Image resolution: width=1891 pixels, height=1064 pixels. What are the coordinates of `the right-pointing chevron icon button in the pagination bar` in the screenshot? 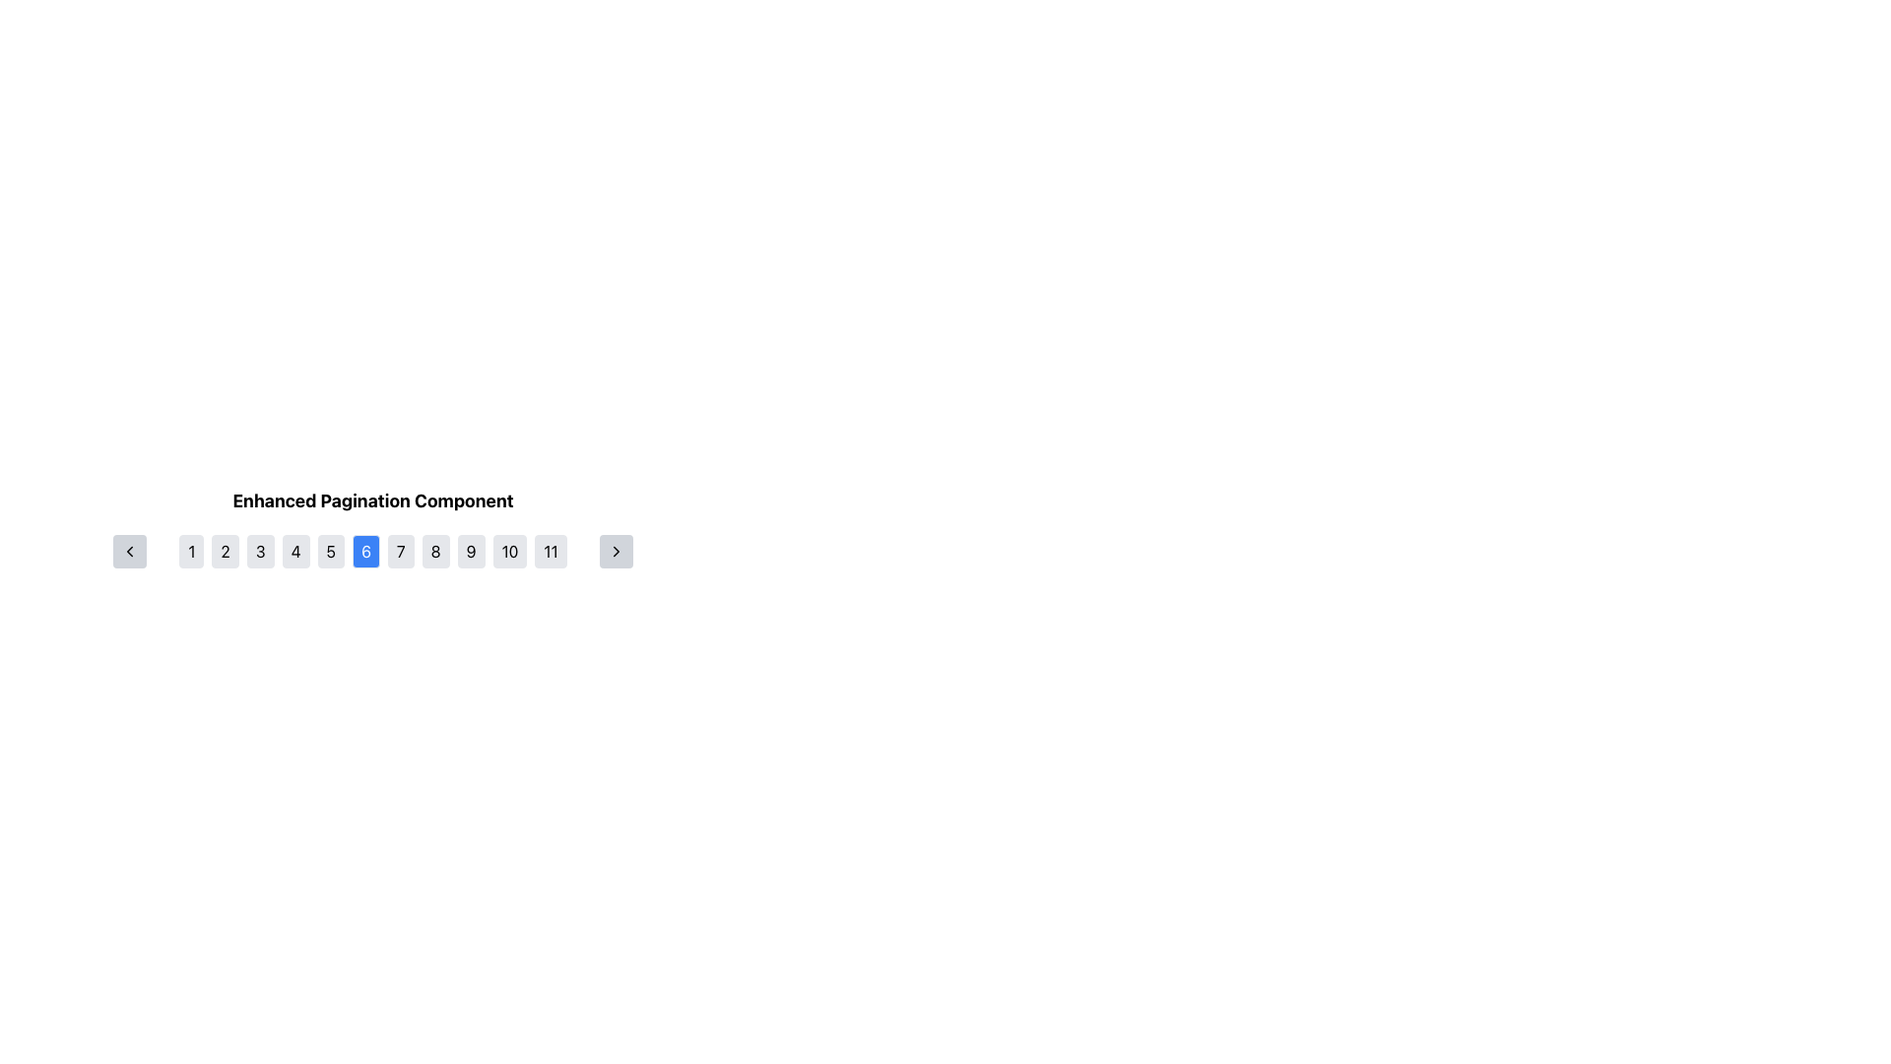 It's located at (615, 551).